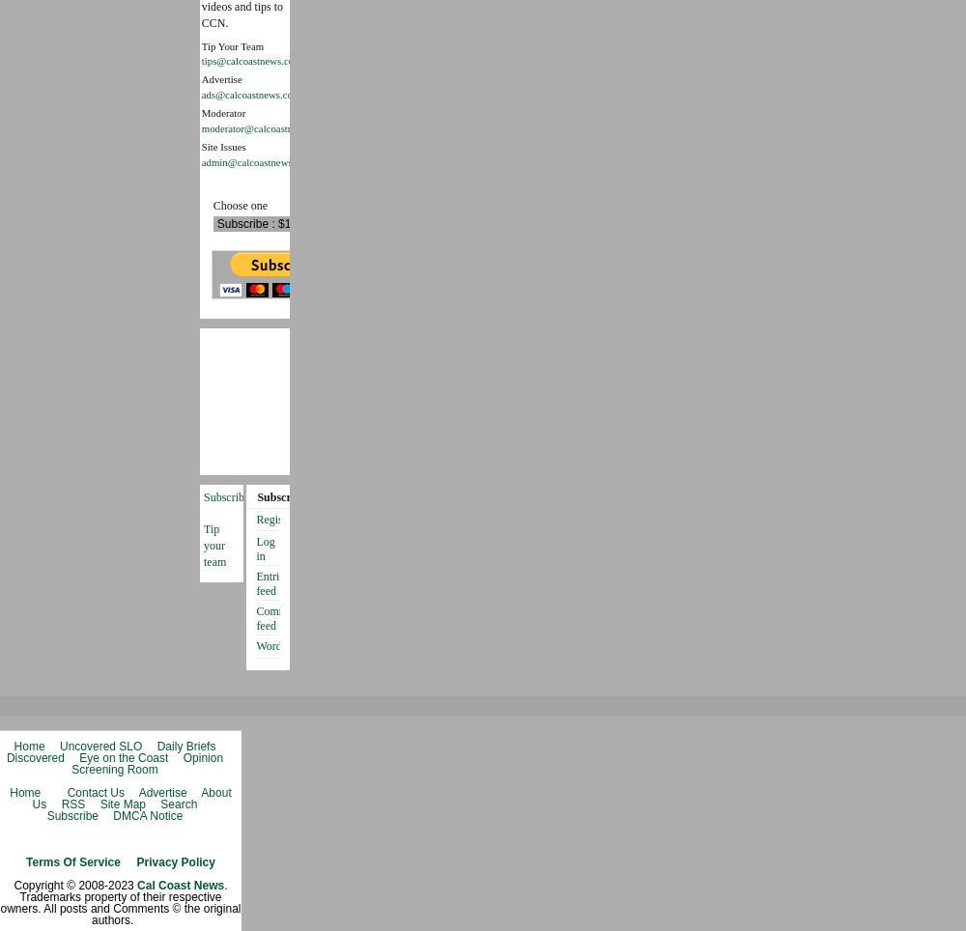  Describe the element at coordinates (256, 548) in the screenshot. I see `'Log in'` at that location.